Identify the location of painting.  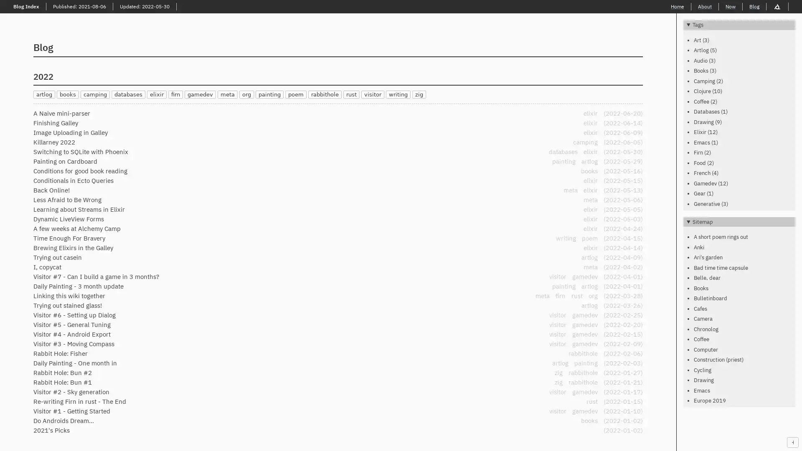
(269, 94).